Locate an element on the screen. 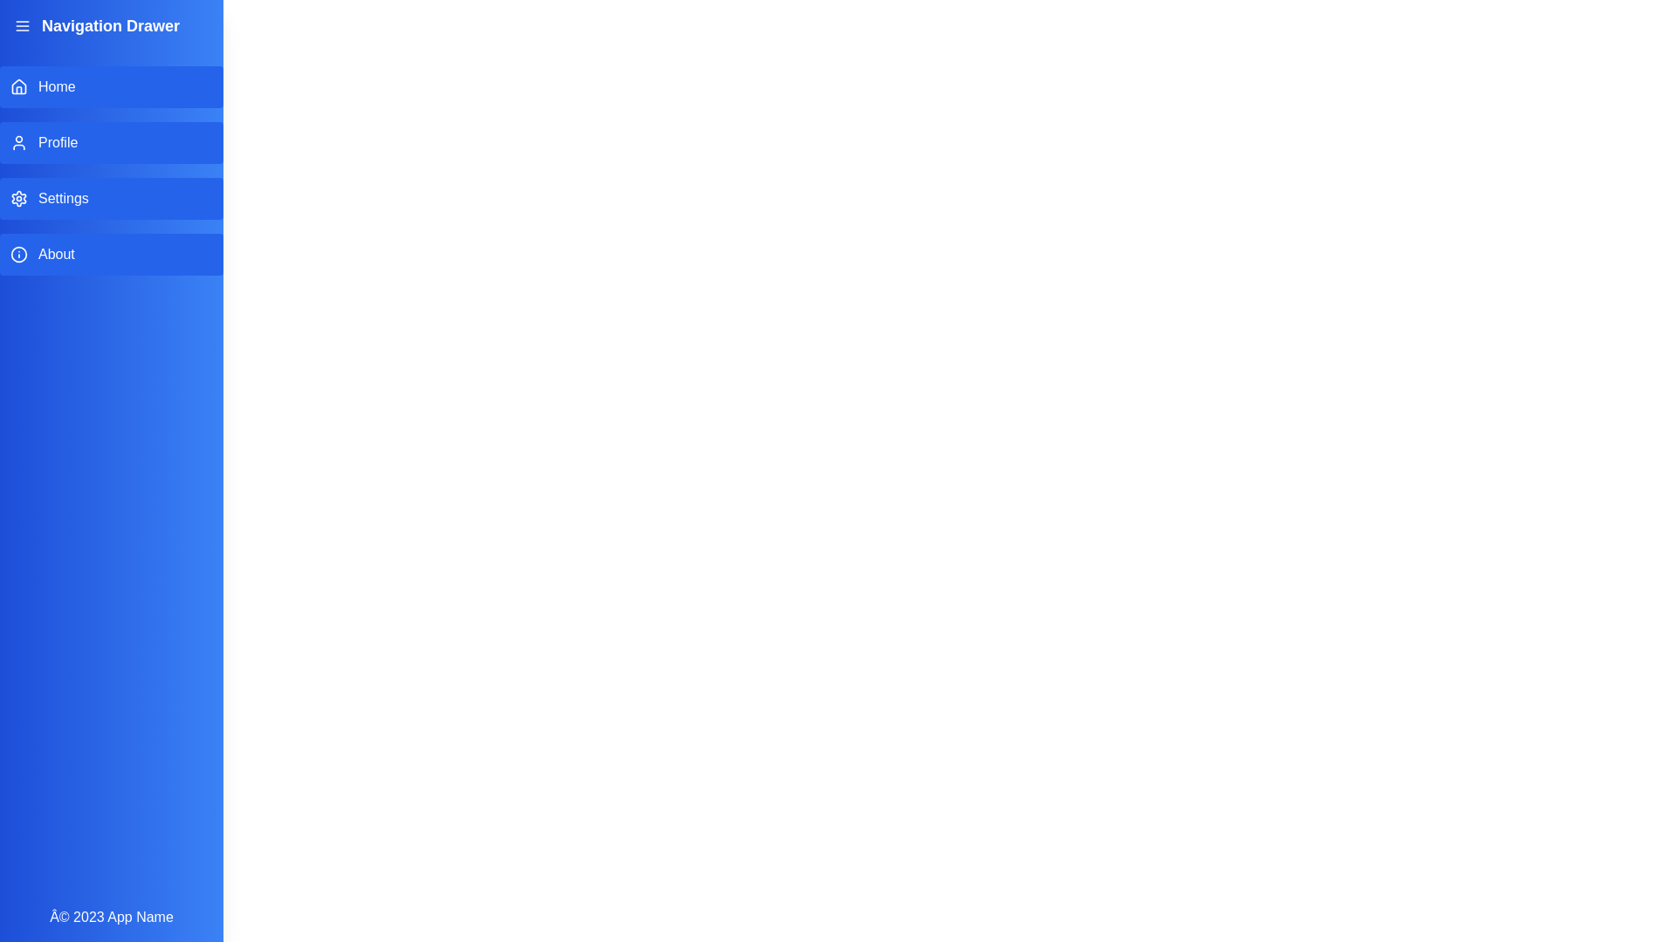 The image size is (1676, 942). the house-shaped icon located on the left side of the interface within the 'Navigation Drawer' is located at coordinates (19, 87).